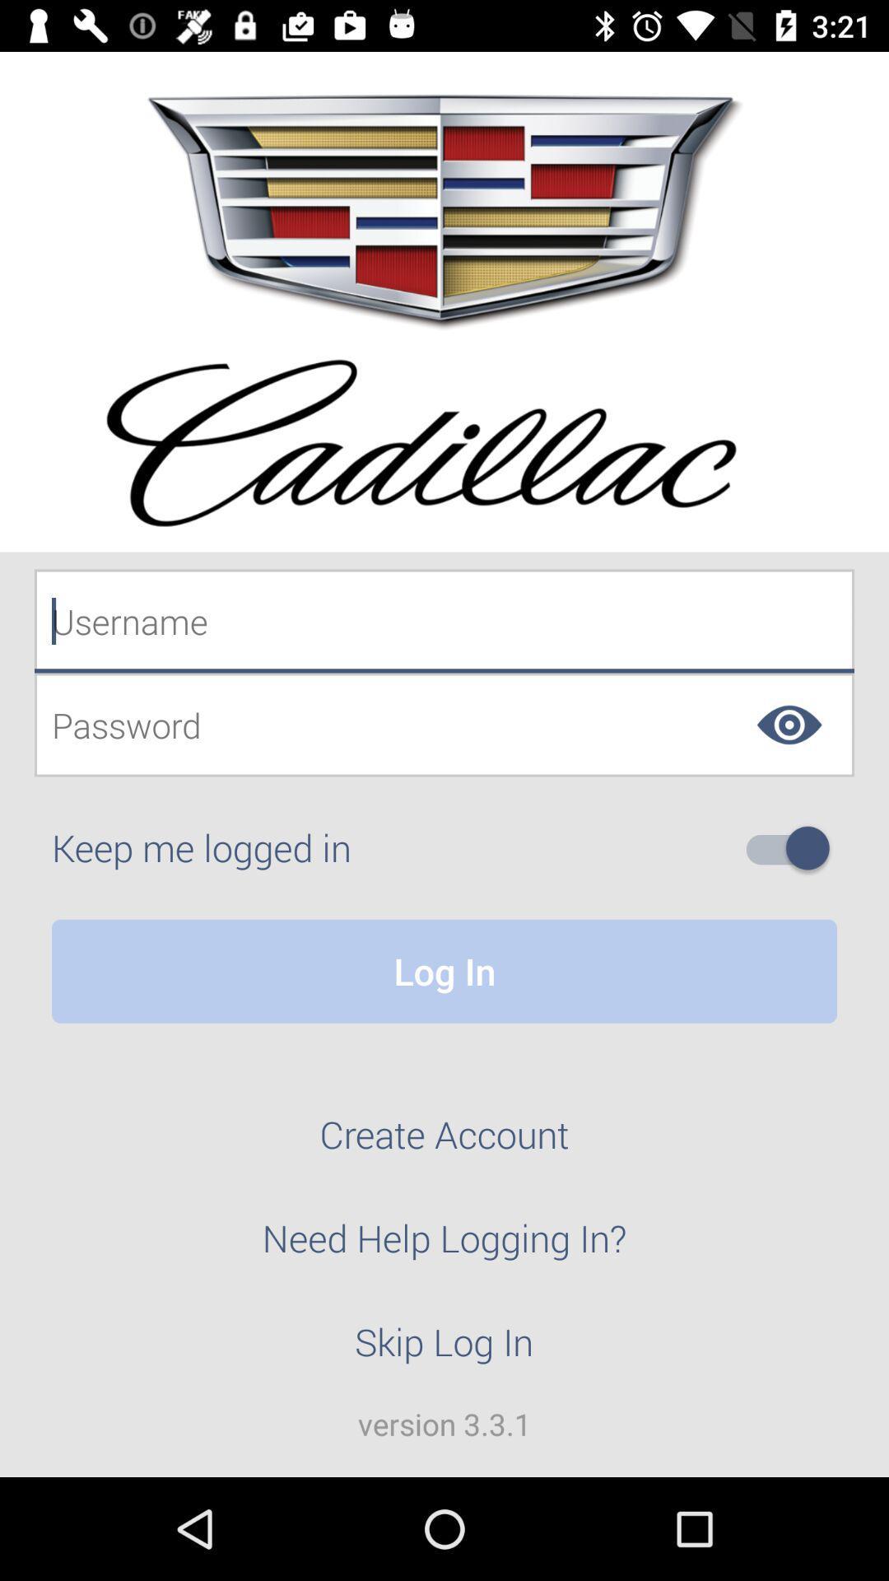  I want to click on fill log in, so click(444, 620).